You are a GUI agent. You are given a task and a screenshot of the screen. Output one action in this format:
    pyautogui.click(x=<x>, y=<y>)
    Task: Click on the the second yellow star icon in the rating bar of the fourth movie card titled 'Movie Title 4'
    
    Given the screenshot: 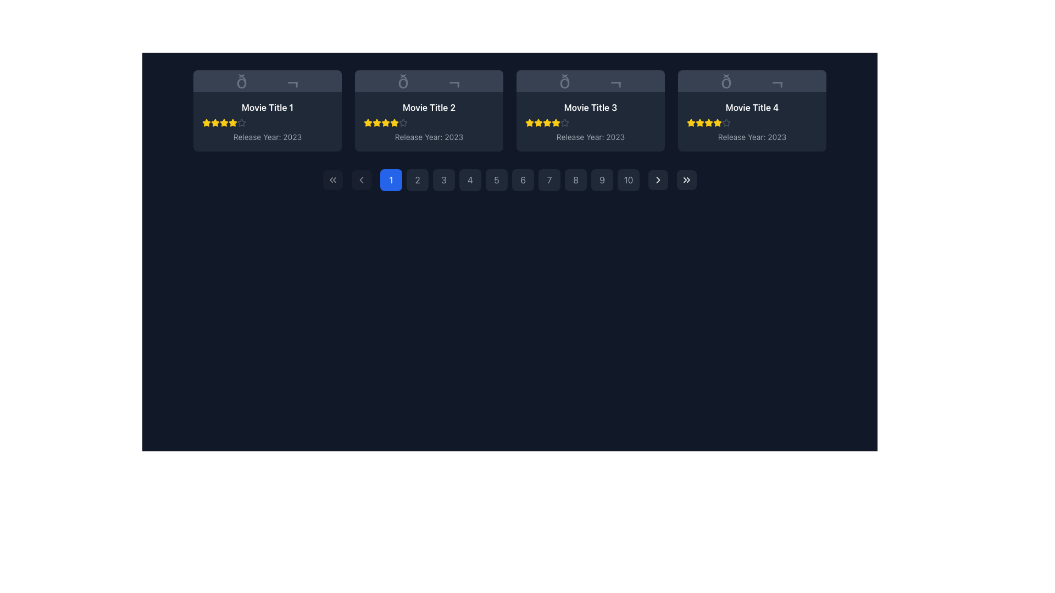 What is the action you would take?
    pyautogui.click(x=699, y=122)
    